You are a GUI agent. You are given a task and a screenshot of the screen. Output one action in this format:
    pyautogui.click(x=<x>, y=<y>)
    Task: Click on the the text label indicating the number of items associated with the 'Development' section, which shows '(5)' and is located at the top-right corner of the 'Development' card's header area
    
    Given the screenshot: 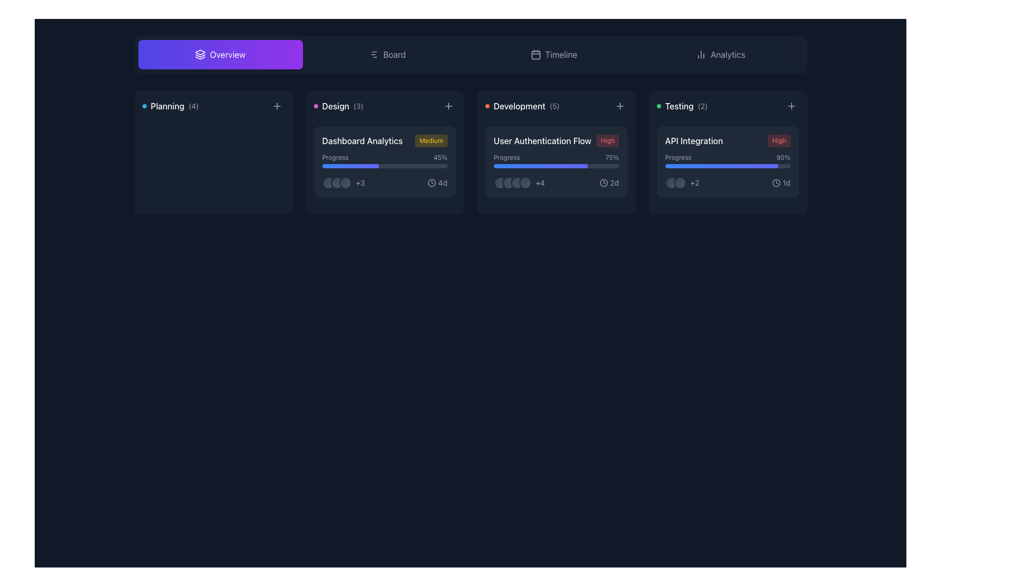 What is the action you would take?
    pyautogui.click(x=554, y=106)
    